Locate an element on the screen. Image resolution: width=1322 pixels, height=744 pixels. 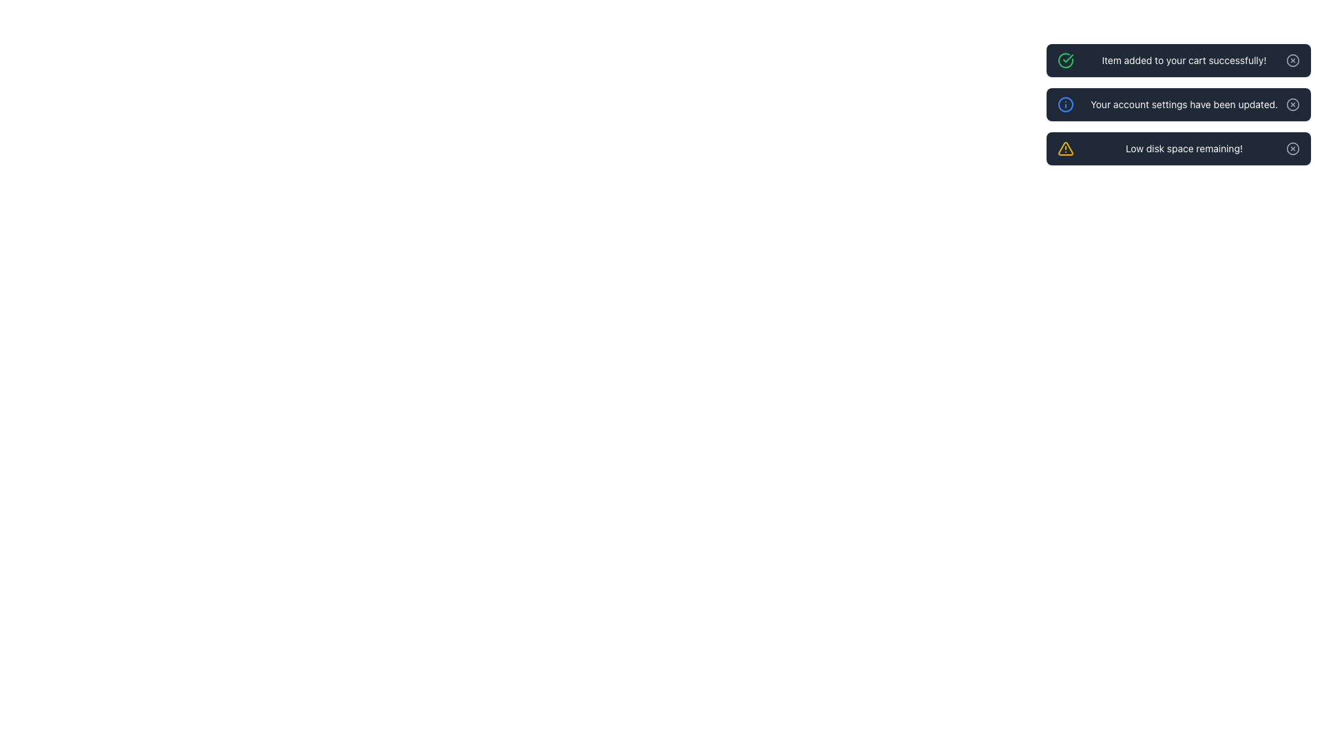
the circular close button with a cross symbol located on the far right of the notification labeled 'Your account settings have been updated' is located at coordinates (1292, 103).